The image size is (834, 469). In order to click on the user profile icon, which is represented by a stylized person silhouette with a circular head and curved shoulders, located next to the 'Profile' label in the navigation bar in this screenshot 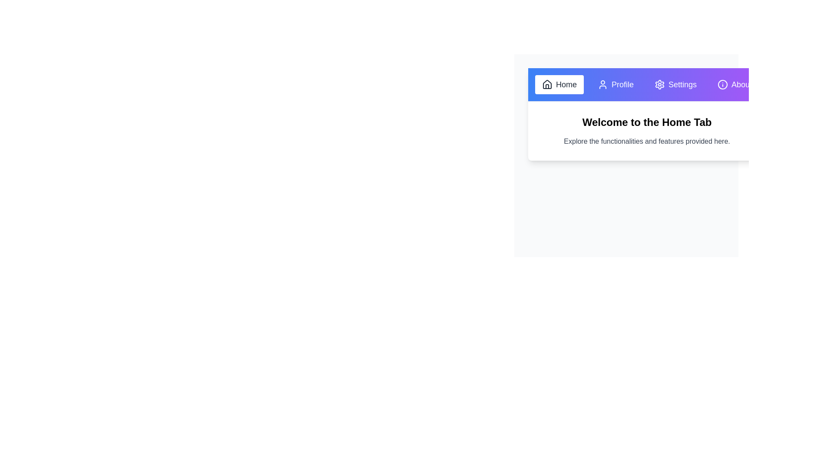, I will do `click(602, 85)`.